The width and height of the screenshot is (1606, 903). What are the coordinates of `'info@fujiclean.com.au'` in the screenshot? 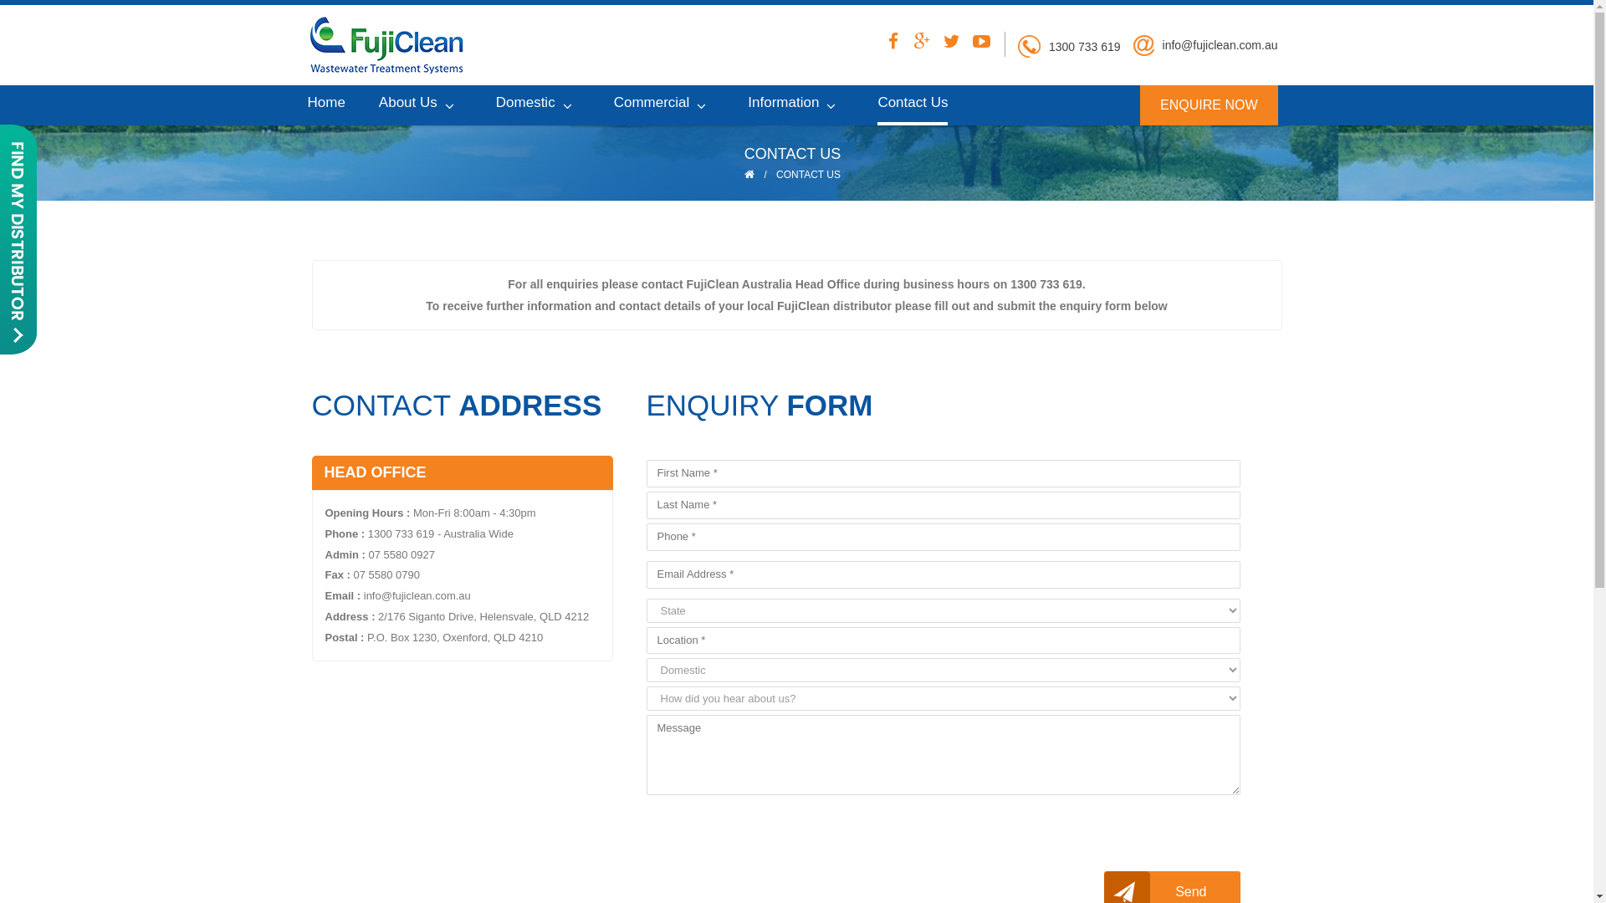 It's located at (1162, 44).